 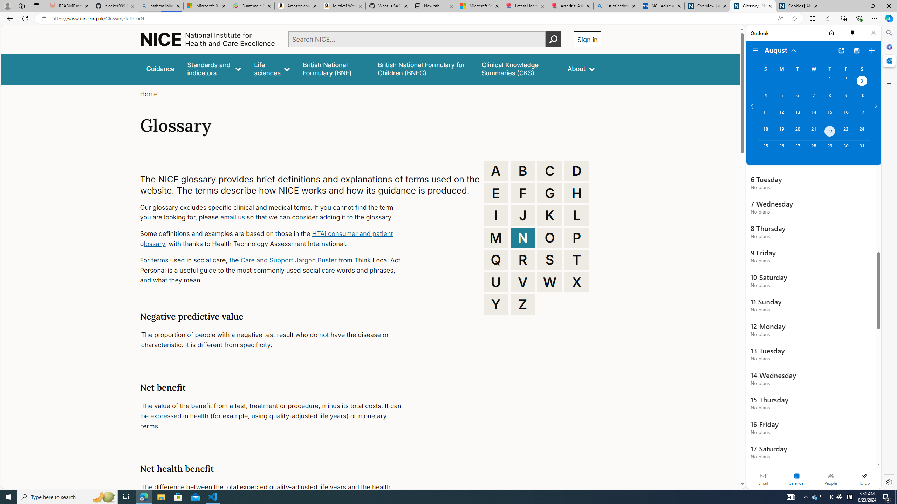 I want to click on 'Back', so click(x=8, y=18).